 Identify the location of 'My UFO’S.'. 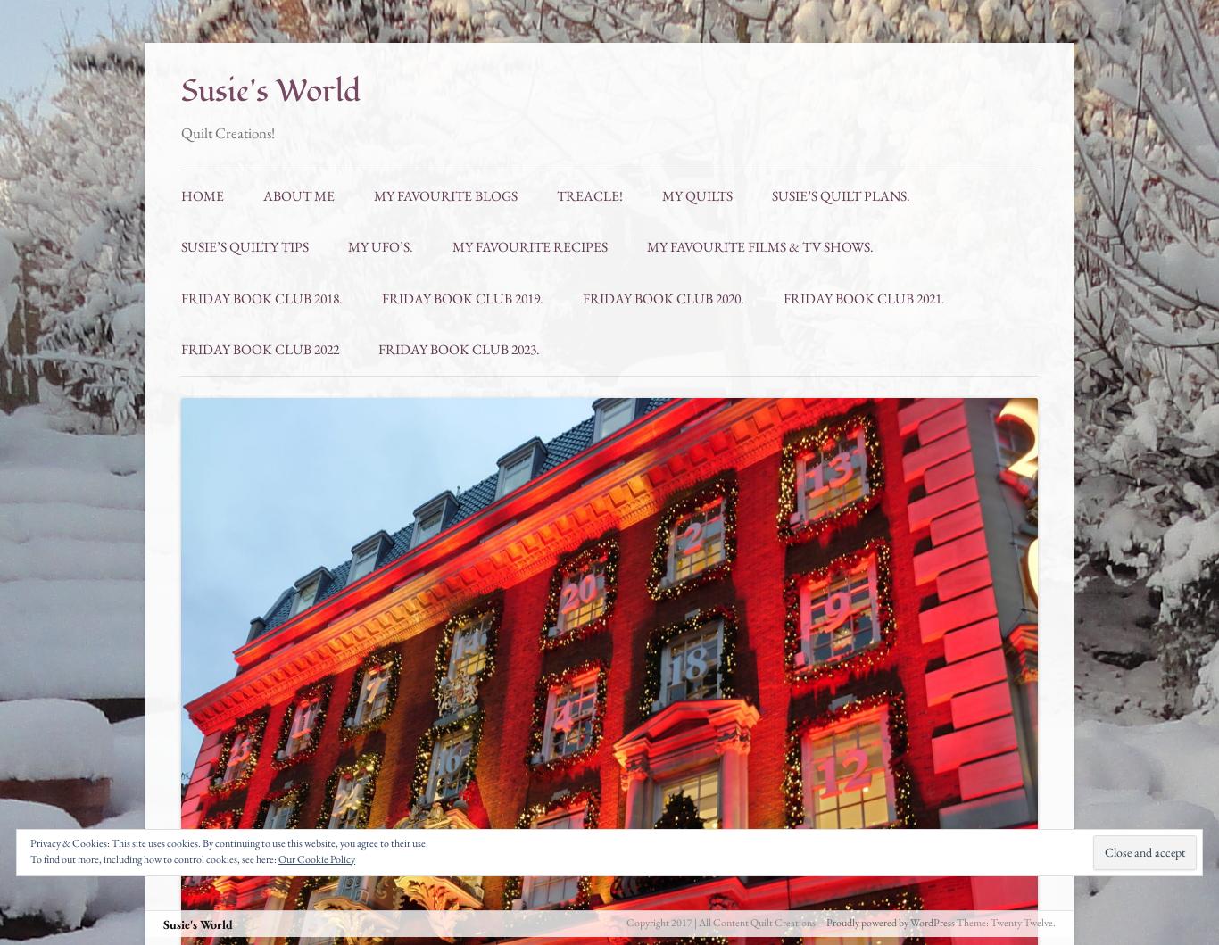
(379, 246).